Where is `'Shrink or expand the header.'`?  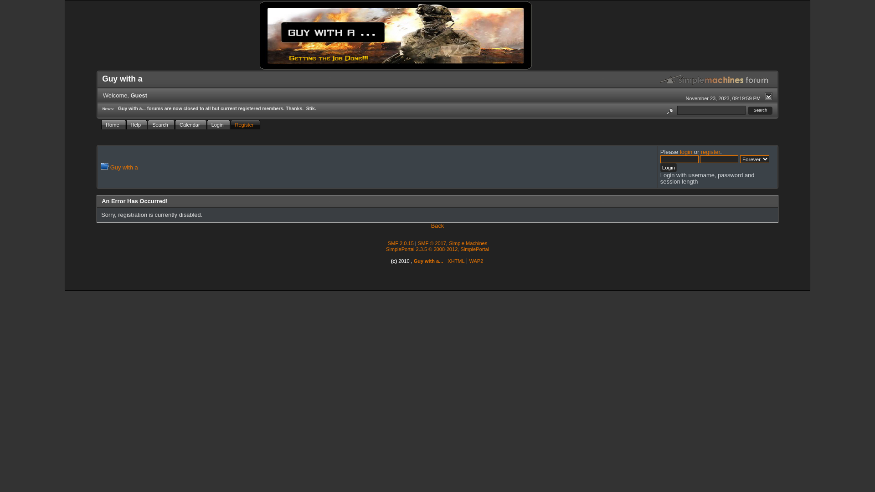
'Shrink or expand the header.' is located at coordinates (768, 96).